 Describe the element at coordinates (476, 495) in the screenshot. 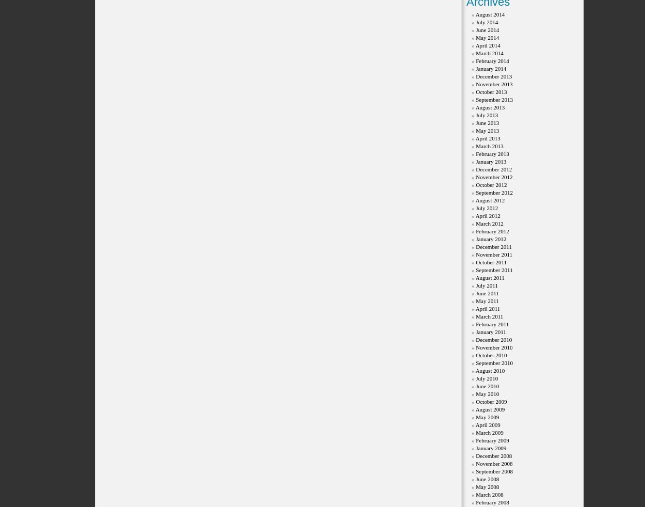

I see `'March 2008'` at that location.